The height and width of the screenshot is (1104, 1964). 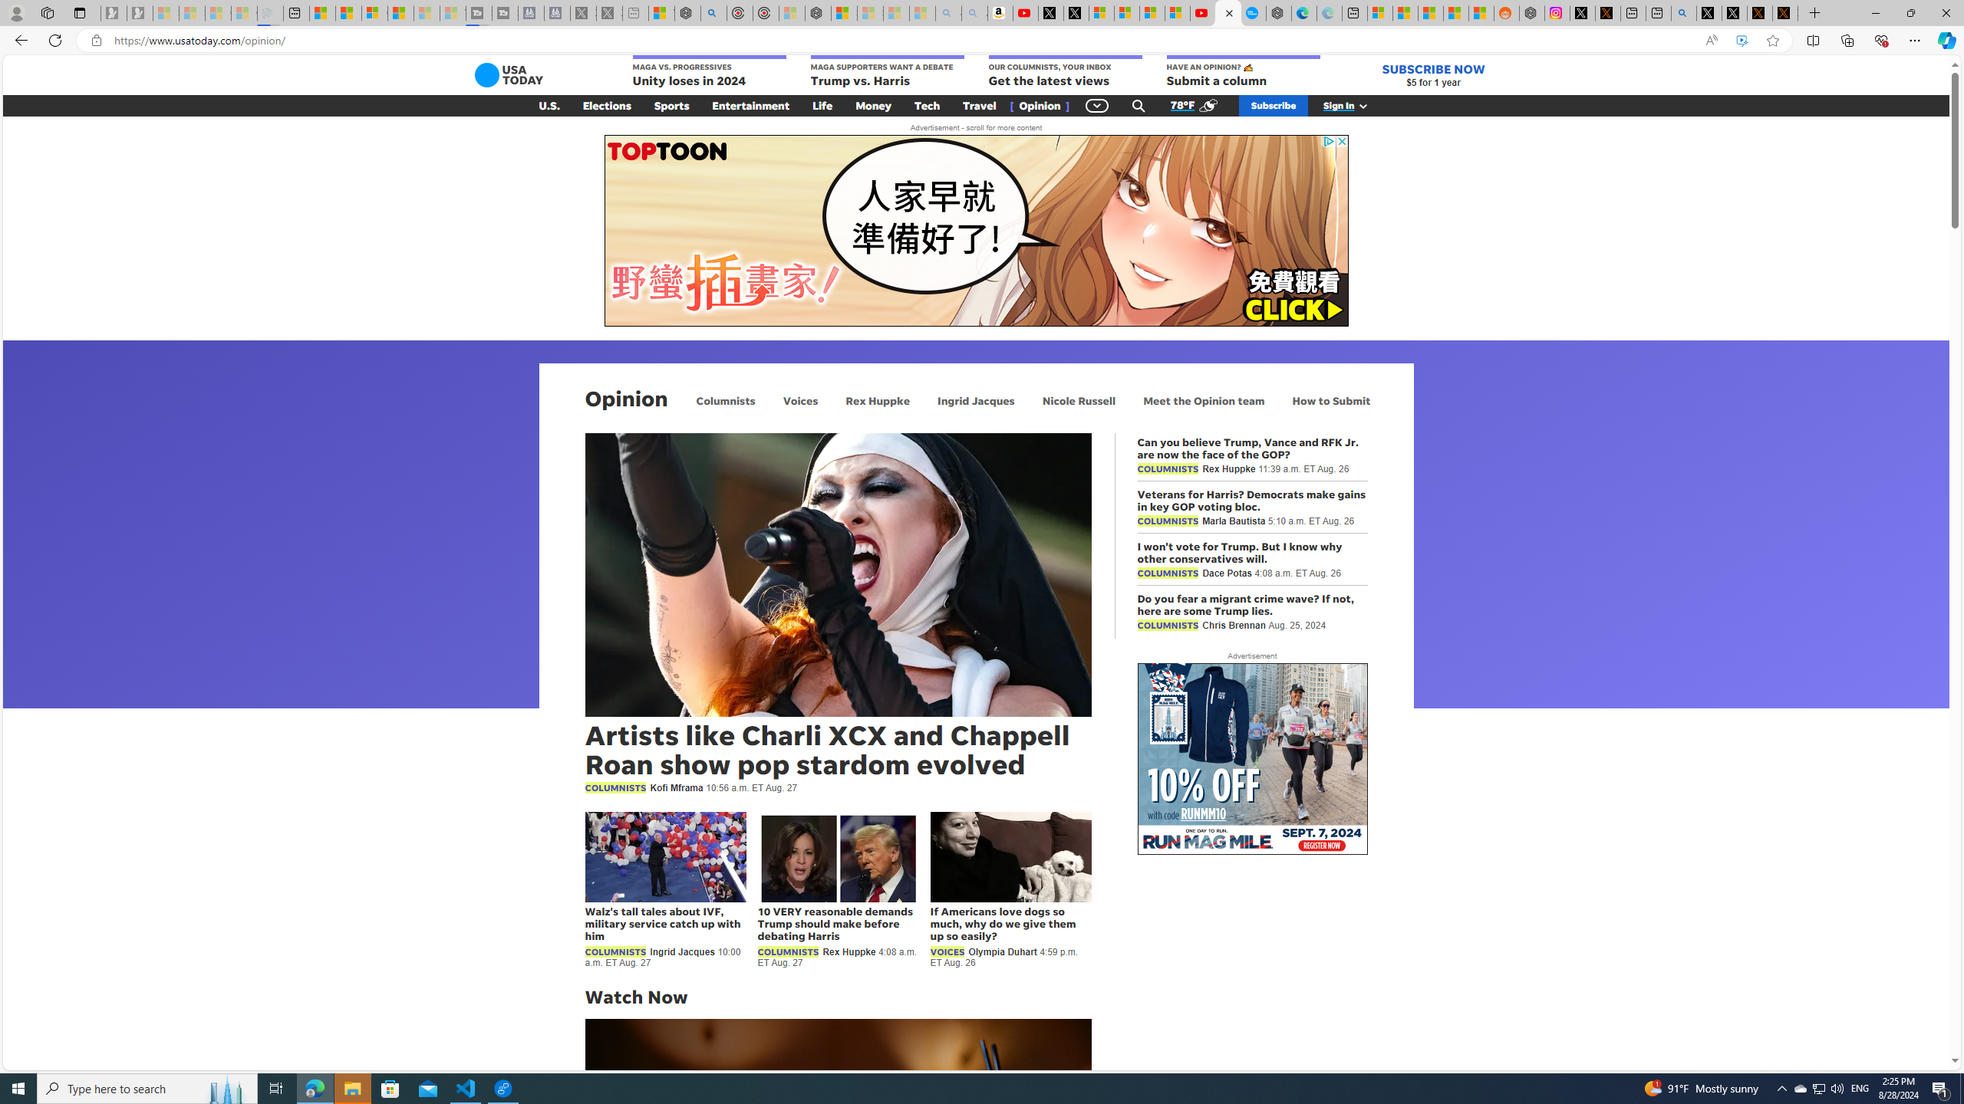 I want to click on 'amazon - Search - Sleeping', so click(x=947, y=12).